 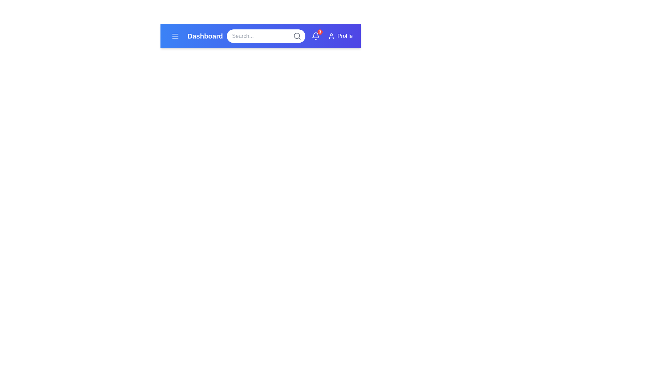 I want to click on the user icon in the top-right corner of the interface, so click(x=331, y=36).